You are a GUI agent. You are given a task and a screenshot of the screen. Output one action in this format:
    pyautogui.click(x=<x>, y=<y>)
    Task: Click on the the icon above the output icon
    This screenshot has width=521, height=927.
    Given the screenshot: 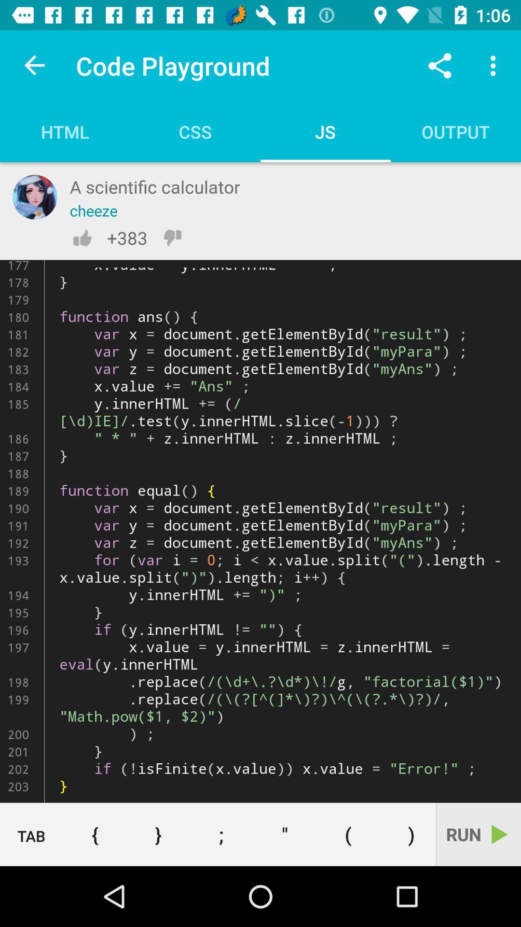 What is the action you would take?
    pyautogui.click(x=495, y=65)
    